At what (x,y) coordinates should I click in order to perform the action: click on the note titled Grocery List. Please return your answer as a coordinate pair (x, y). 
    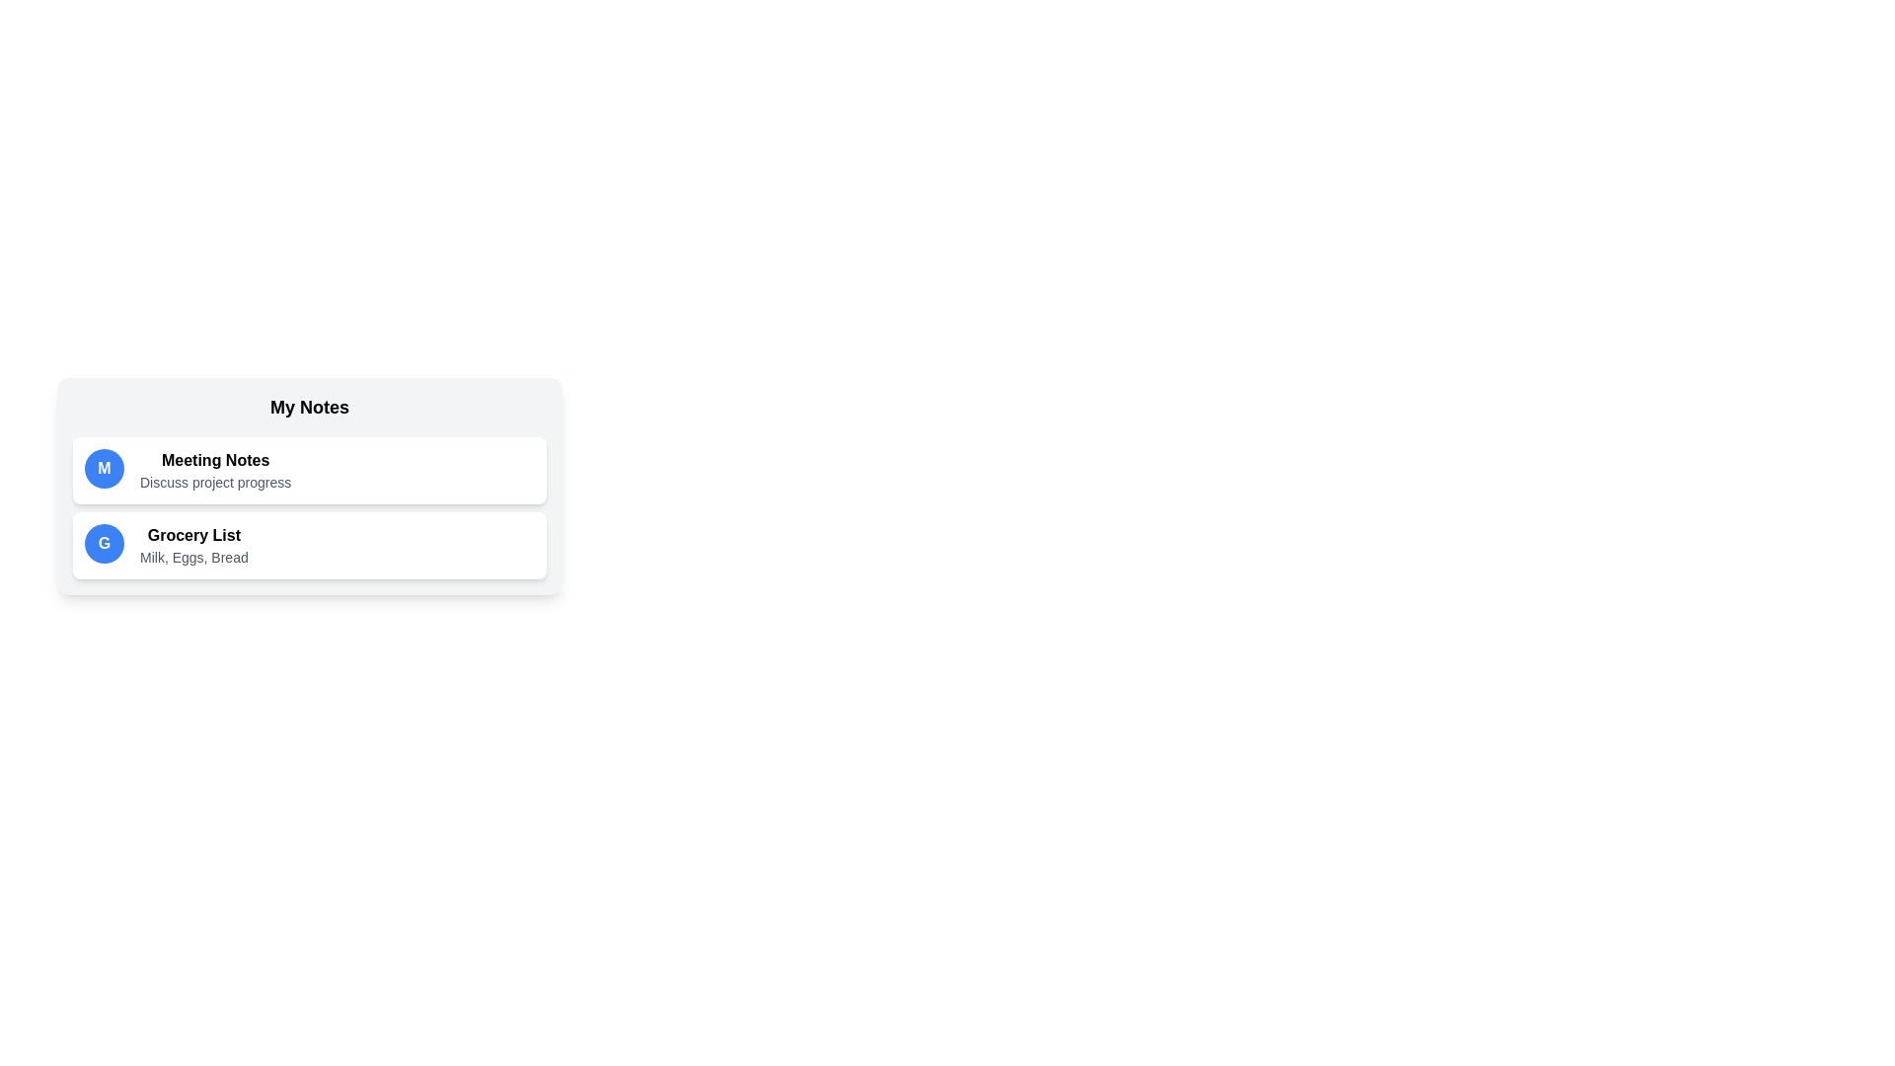
    Looking at the image, I should click on (308, 545).